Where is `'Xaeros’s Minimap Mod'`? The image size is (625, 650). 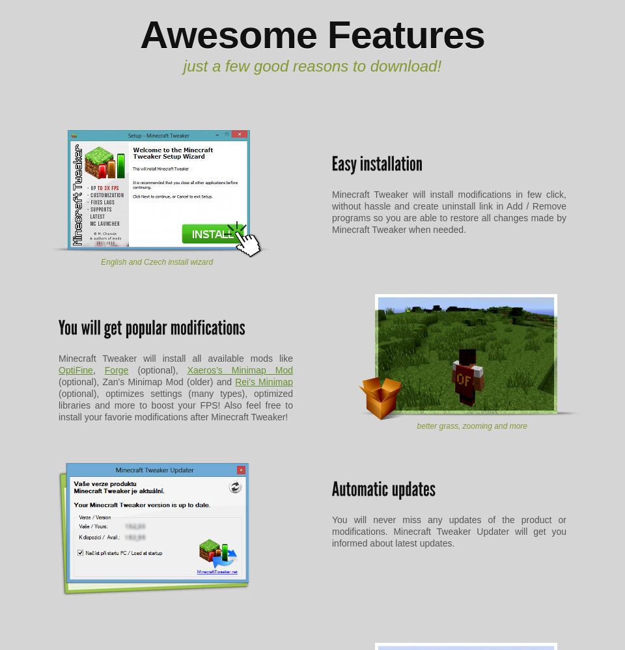
'Xaeros’s Minimap Mod' is located at coordinates (186, 370).